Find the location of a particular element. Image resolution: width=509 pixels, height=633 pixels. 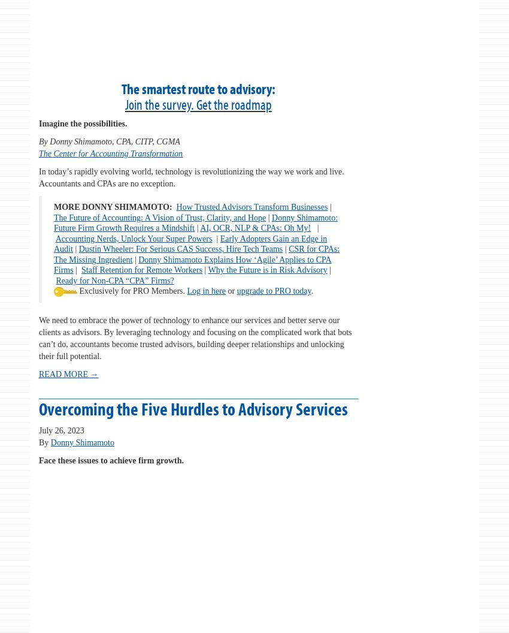

'Donny Shimamoto Explains How ‘Agile’ Applies to CPA Firms' is located at coordinates (192, 264).